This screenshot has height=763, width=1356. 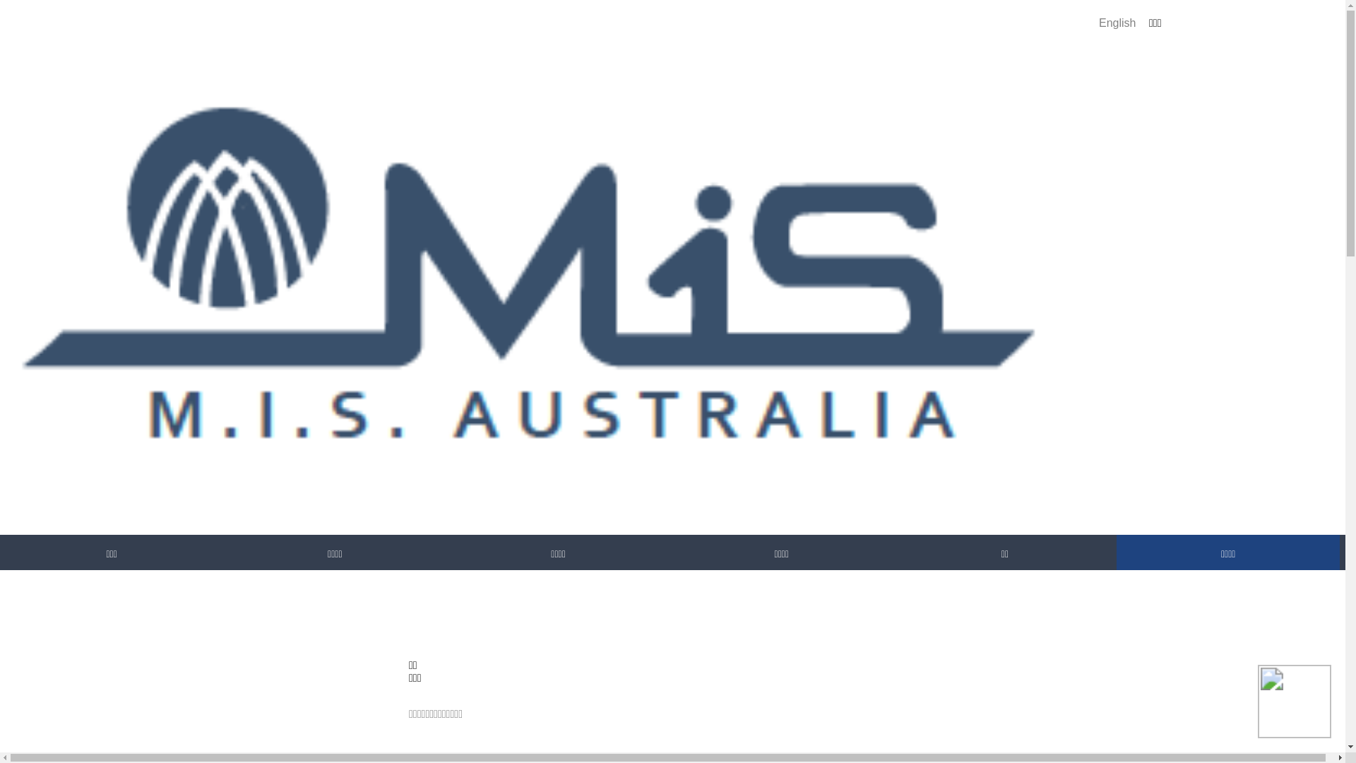 I want to click on 'English', so click(x=1117, y=23).